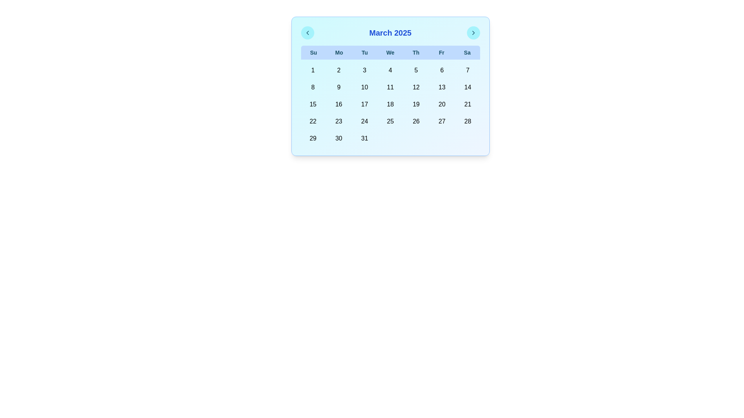 This screenshot has height=418, width=744. What do you see at coordinates (467, 104) in the screenshot?
I see `the square button displaying the number '21'` at bounding box center [467, 104].